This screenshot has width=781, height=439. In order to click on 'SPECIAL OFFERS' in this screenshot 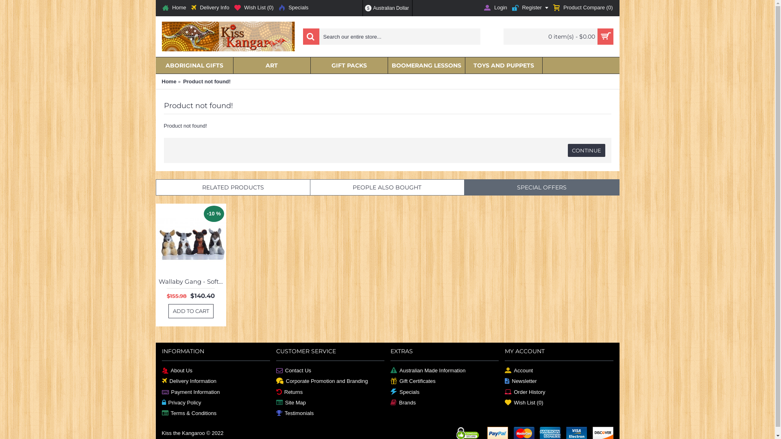, I will do `click(541, 187)`.